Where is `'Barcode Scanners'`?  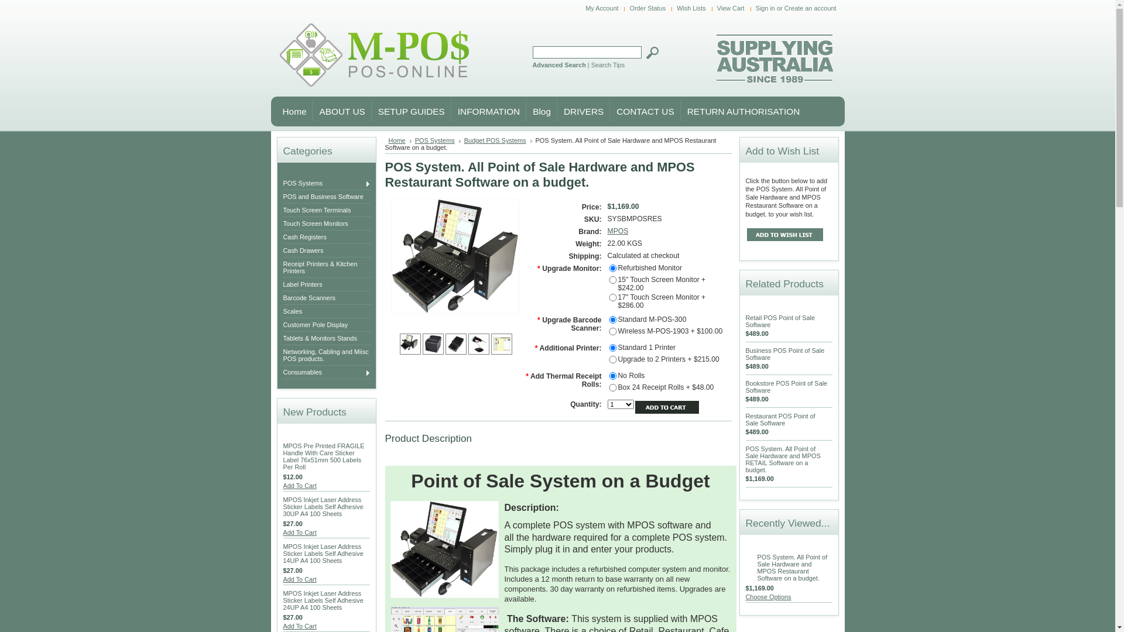 'Barcode Scanners' is located at coordinates (328, 297).